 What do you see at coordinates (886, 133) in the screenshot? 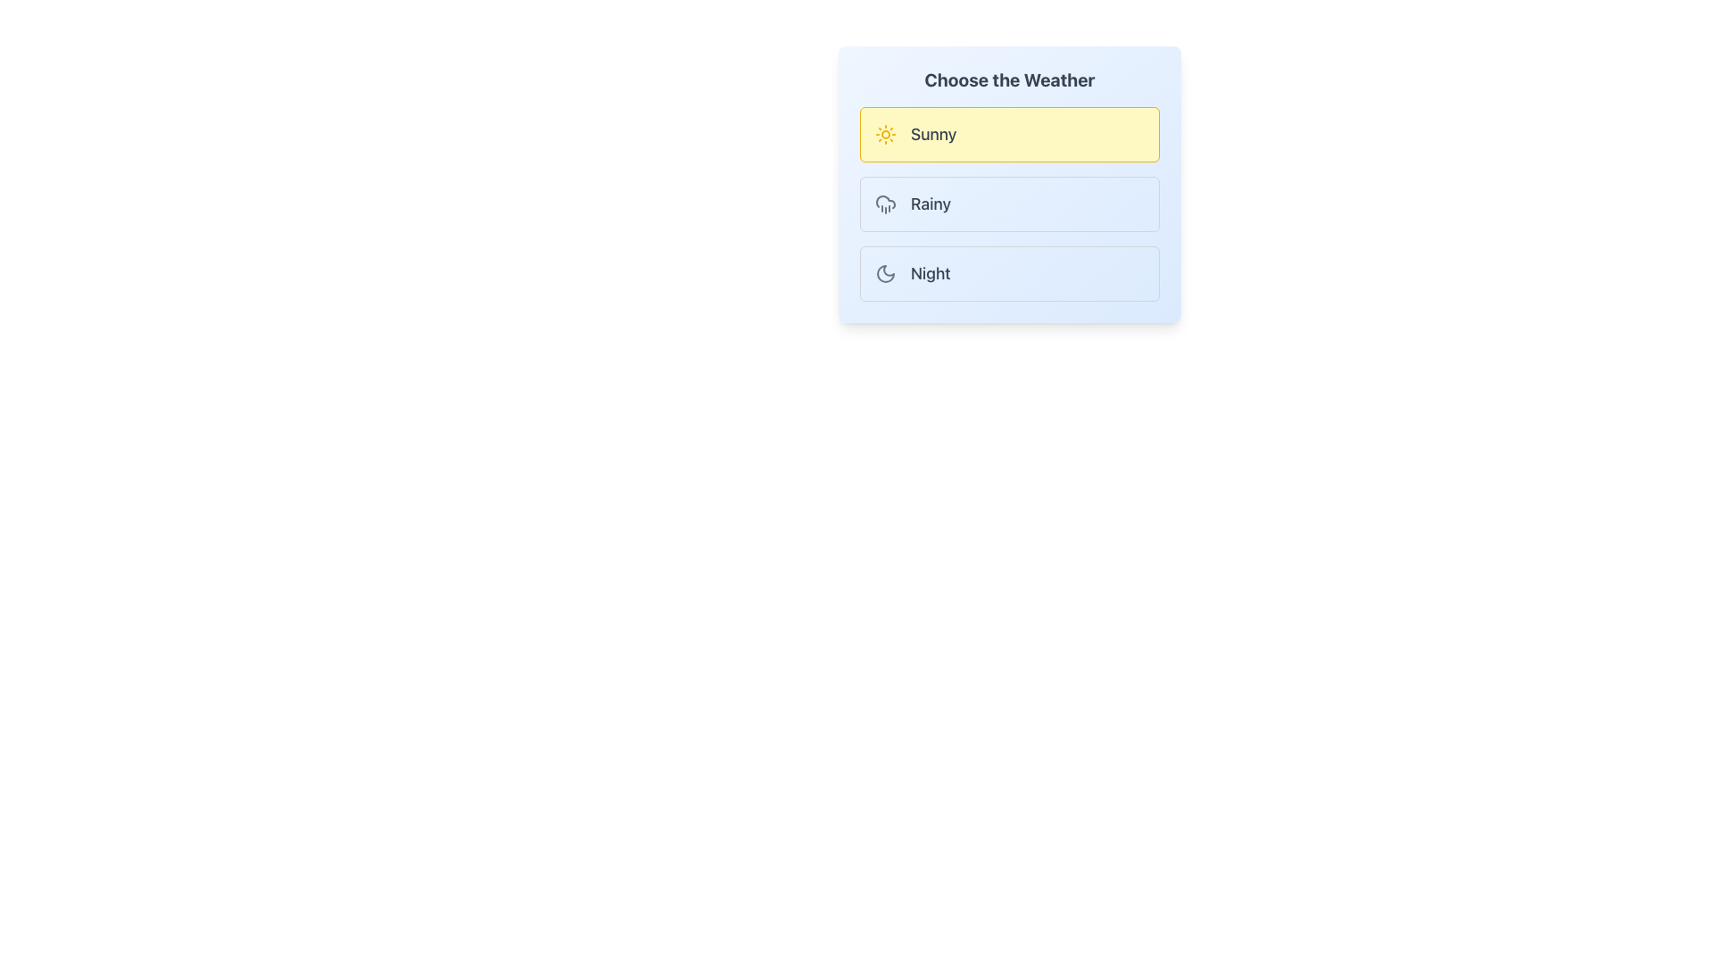
I see `the sun icon located in the highlighted section labeled 'Sunny', positioned to the left of the text label 'Sunny'` at bounding box center [886, 133].